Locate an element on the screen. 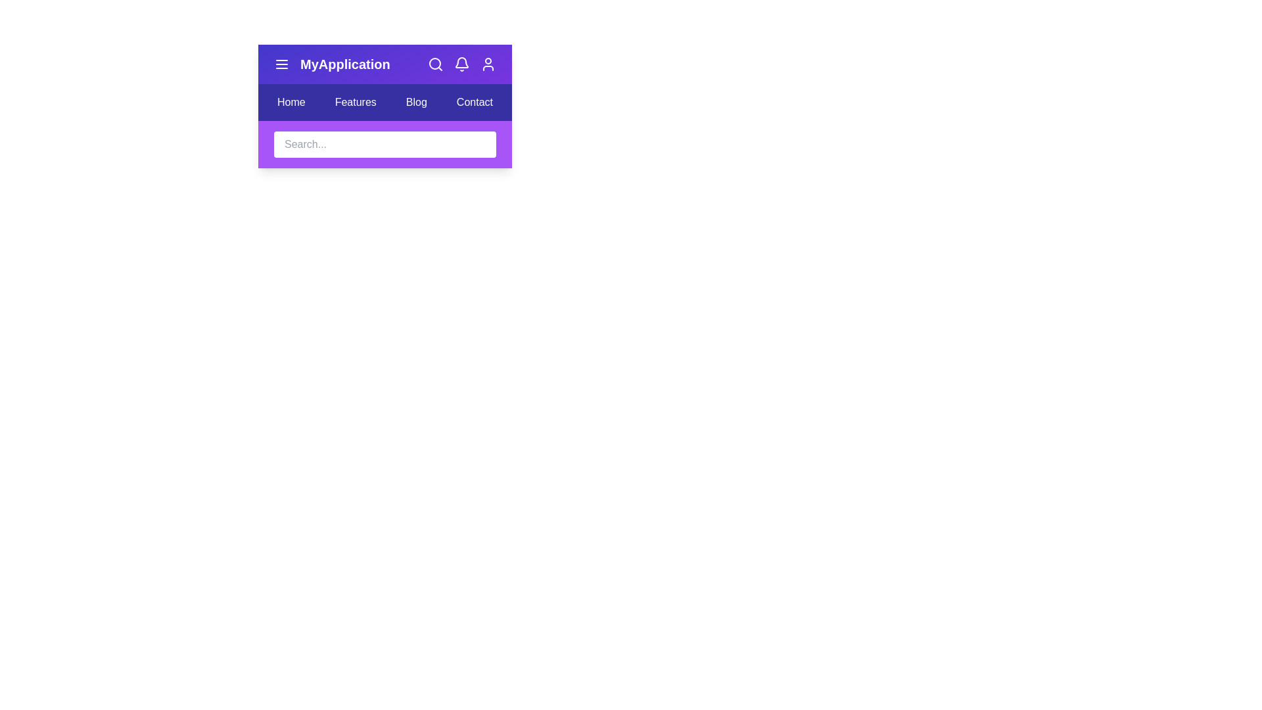 The height and width of the screenshot is (710, 1262). the menu toggle button to toggle the menu visibility is located at coordinates (281, 64).